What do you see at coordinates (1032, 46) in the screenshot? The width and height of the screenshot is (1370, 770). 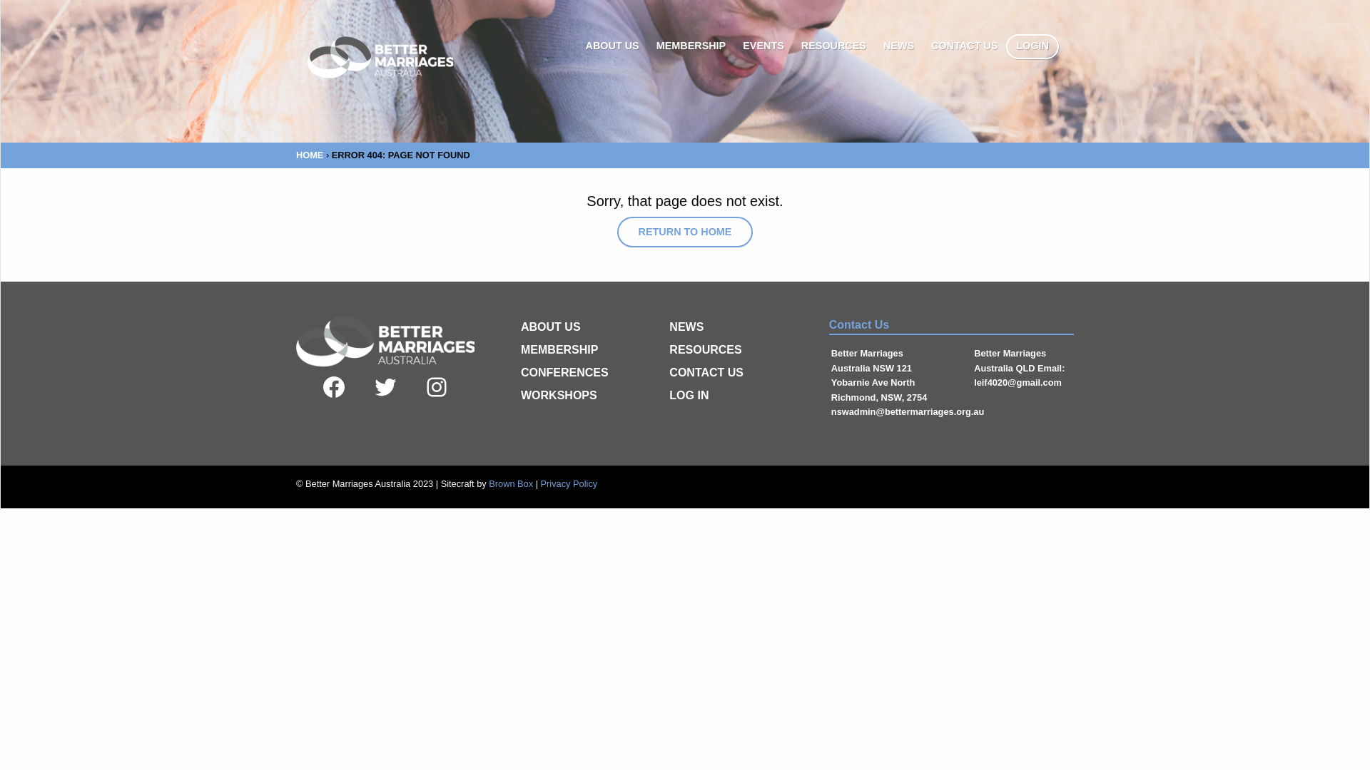 I see `'LOGIN'` at bounding box center [1032, 46].